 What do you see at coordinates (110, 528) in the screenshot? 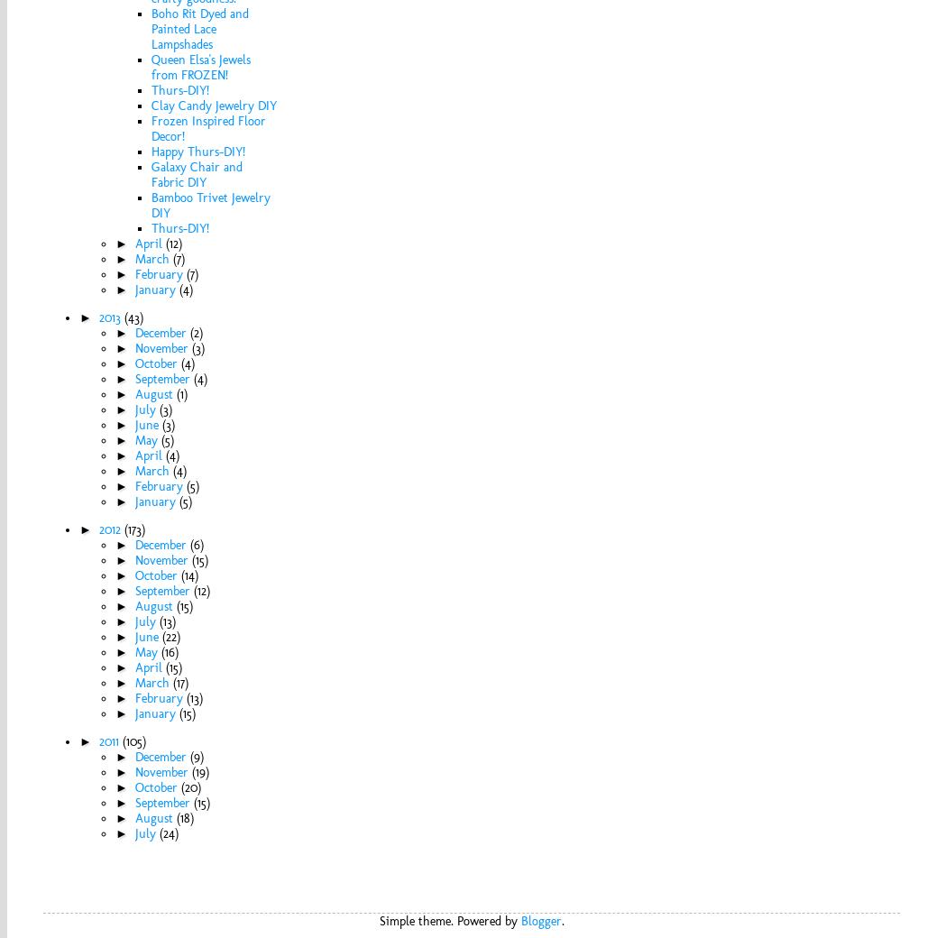
I see `'2012'` at bounding box center [110, 528].